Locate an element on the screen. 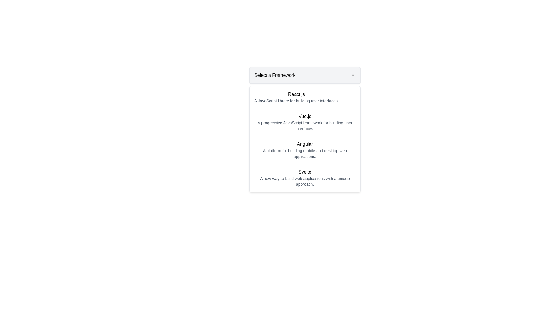  text label 'Select a Framework', which is styled in bold and serves as the header for a dropdown menu is located at coordinates (275, 75).